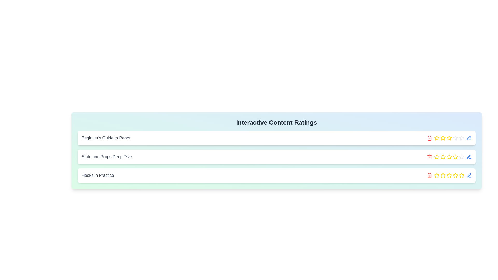 This screenshot has height=280, width=498. I want to click on the blue pen icon button, located, so click(469, 175).